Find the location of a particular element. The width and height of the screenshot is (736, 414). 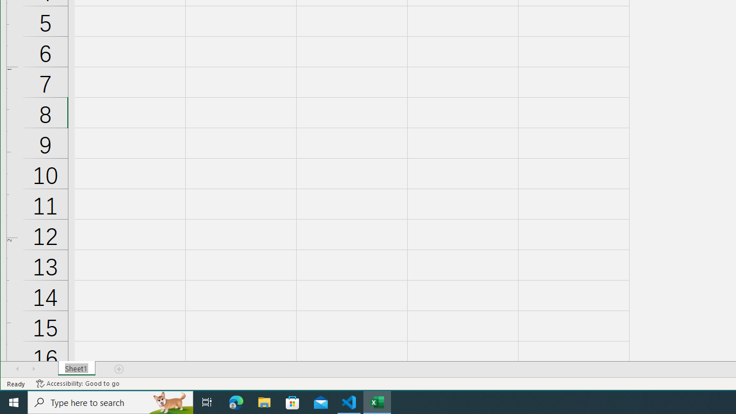

'File Explorer' is located at coordinates (264, 401).